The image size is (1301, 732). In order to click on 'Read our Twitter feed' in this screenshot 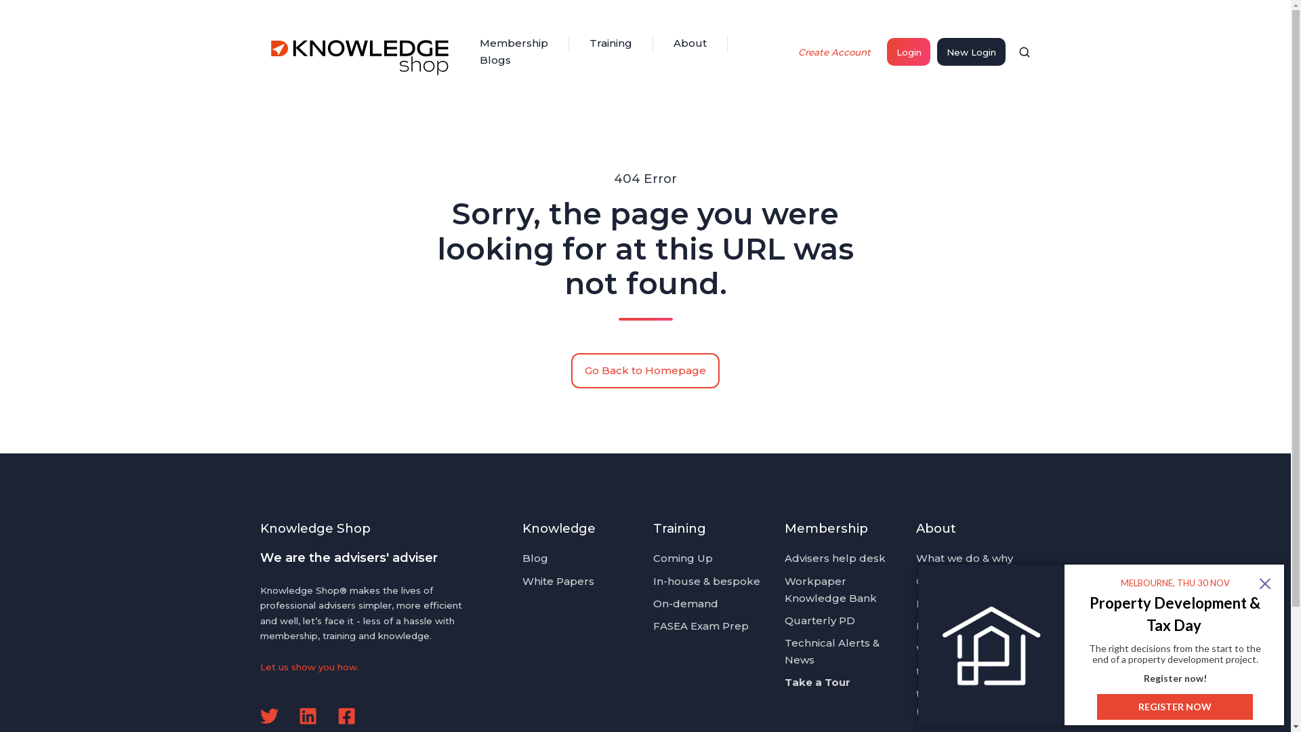, I will do `click(269, 715)`.